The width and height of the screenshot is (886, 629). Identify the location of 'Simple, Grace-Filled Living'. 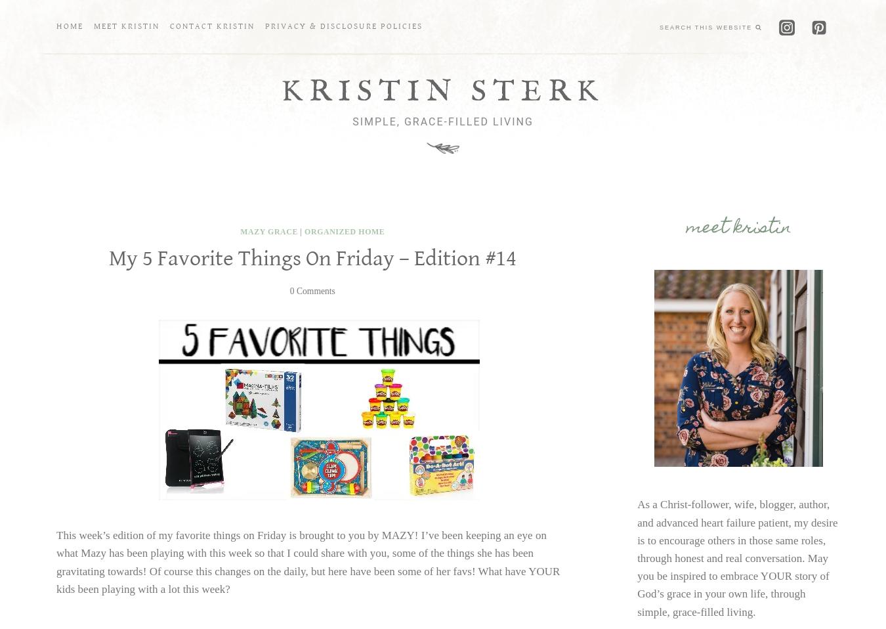
(442, 120).